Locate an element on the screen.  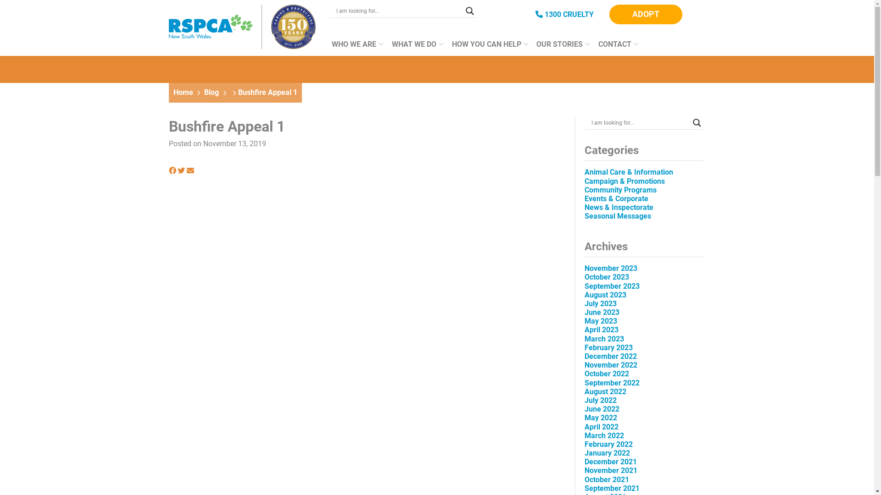
'August 2022' is located at coordinates (605, 391).